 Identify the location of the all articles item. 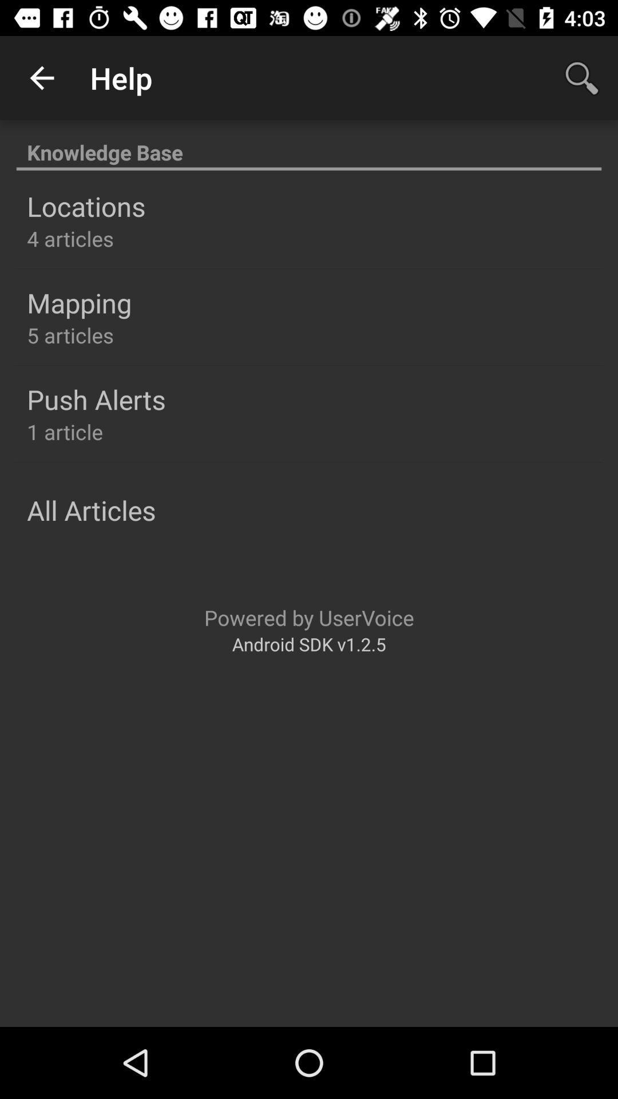
(90, 509).